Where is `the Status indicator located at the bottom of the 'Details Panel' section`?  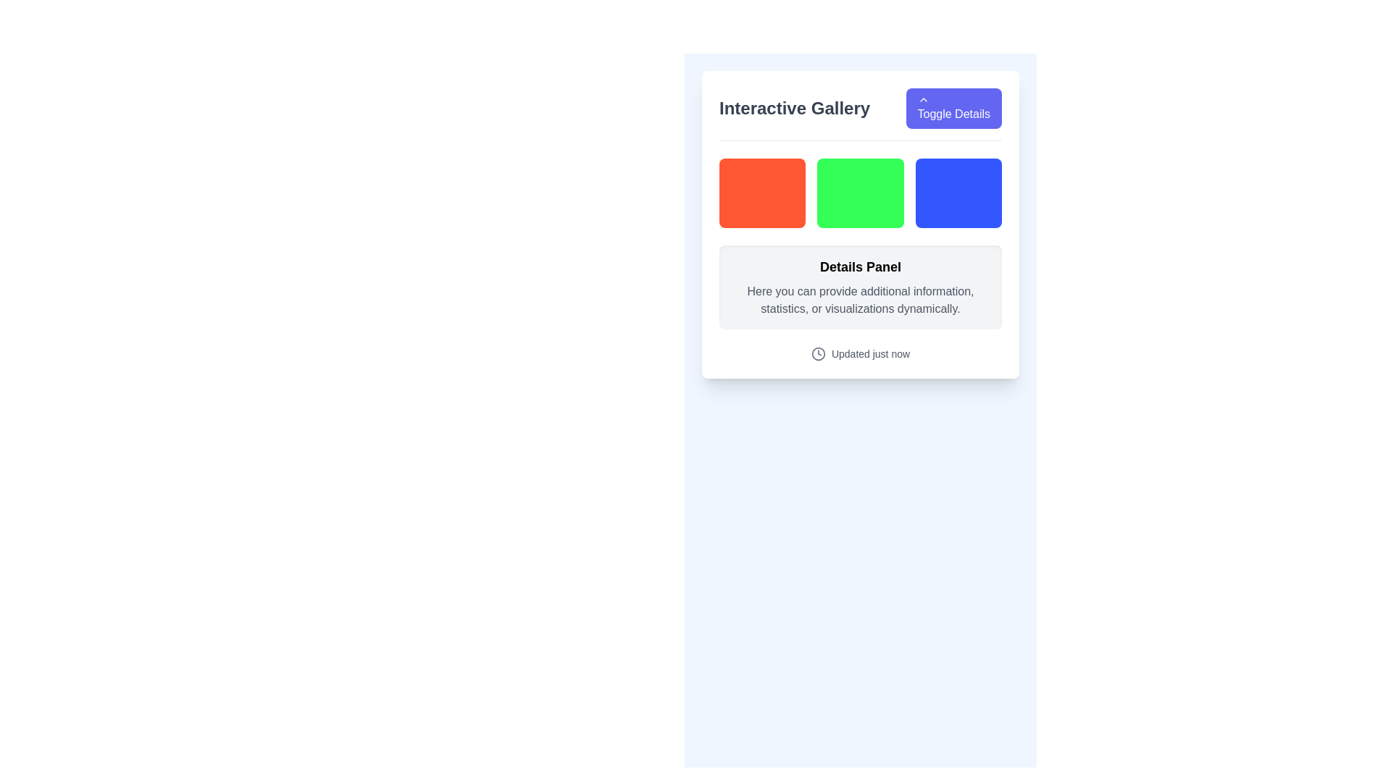 the Status indicator located at the bottom of the 'Details Panel' section is located at coordinates (861, 354).